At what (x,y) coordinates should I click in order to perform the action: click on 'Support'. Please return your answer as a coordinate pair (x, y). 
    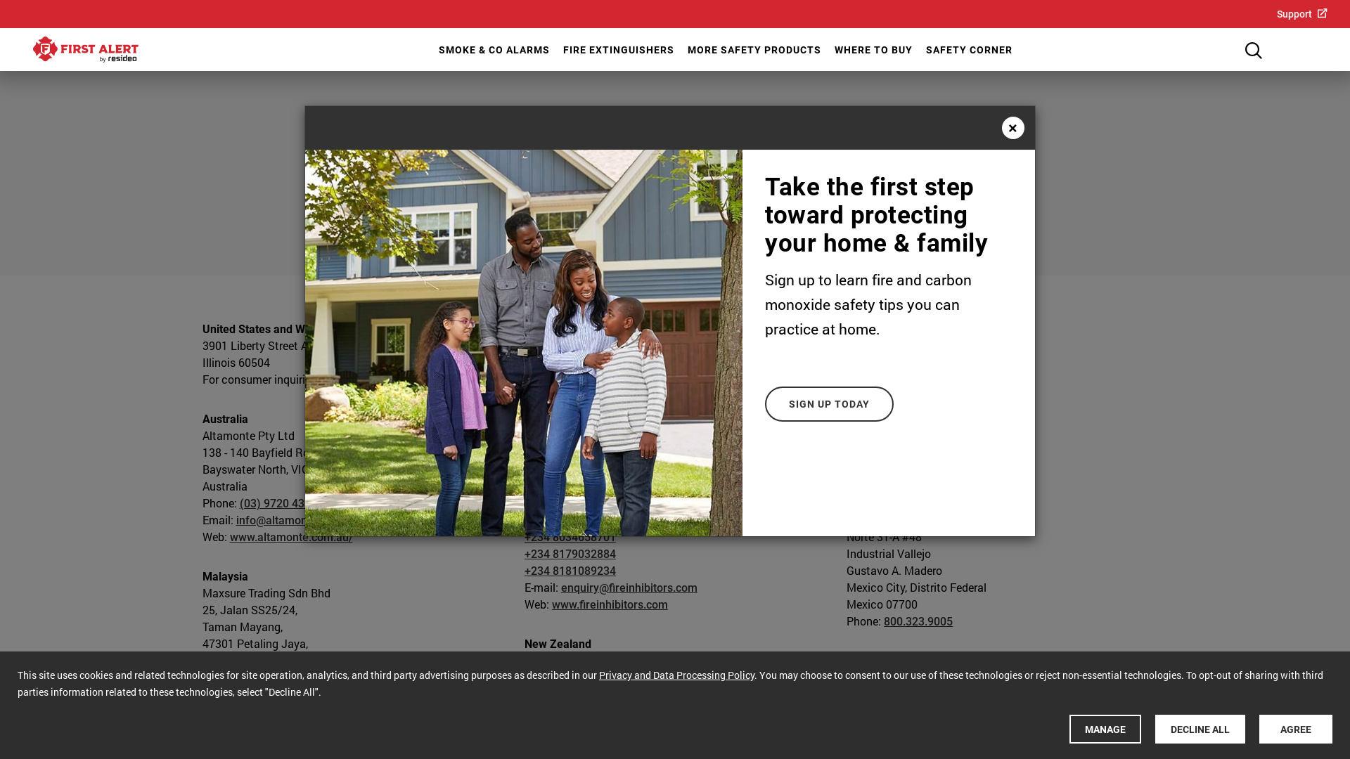
    Looking at the image, I should click on (1301, 13).